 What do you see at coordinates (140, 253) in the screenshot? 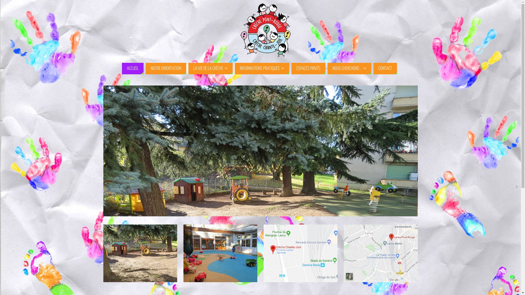
I see `'Notre orientation'` at bounding box center [140, 253].